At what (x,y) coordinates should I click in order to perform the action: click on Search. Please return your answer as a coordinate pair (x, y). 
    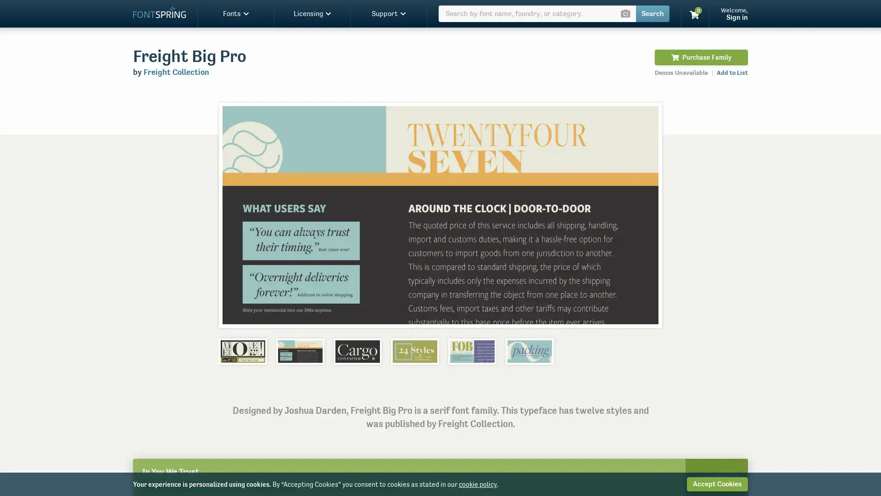
    Looking at the image, I should click on (652, 14).